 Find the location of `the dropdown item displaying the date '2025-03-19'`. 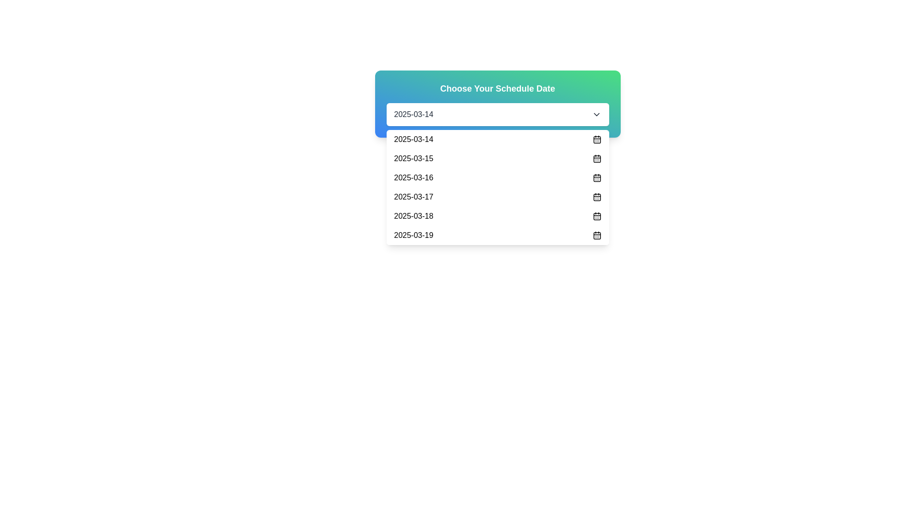

the dropdown item displaying the date '2025-03-19' is located at coordinates (497, 235).